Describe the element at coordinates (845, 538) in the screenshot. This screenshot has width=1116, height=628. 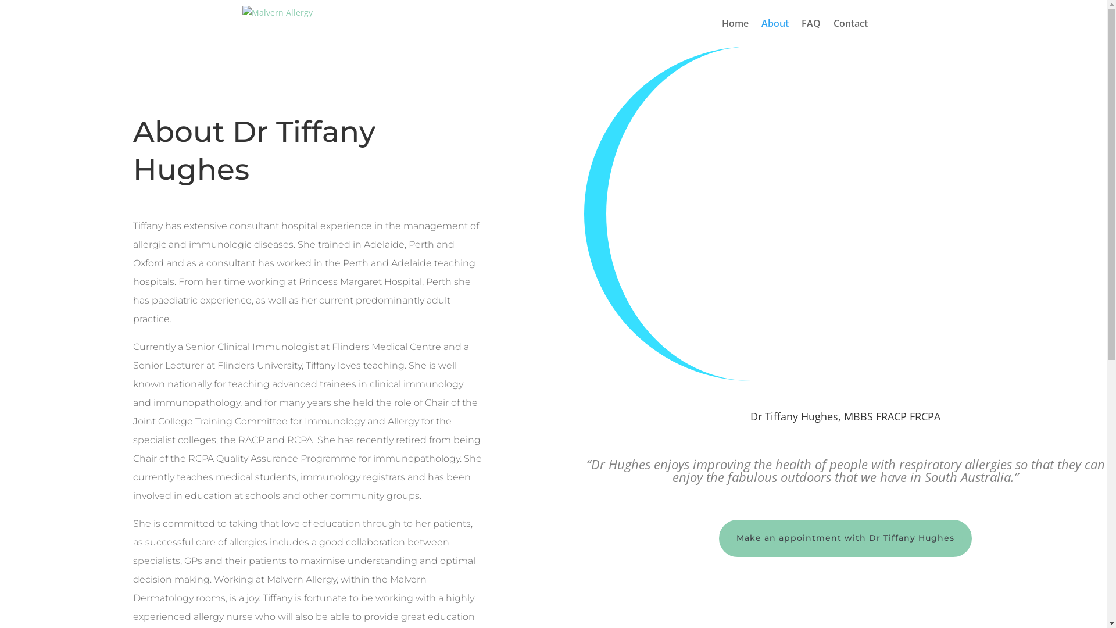
I see `'Make an appointment with Dr Tiffany Hughes'` at that location.